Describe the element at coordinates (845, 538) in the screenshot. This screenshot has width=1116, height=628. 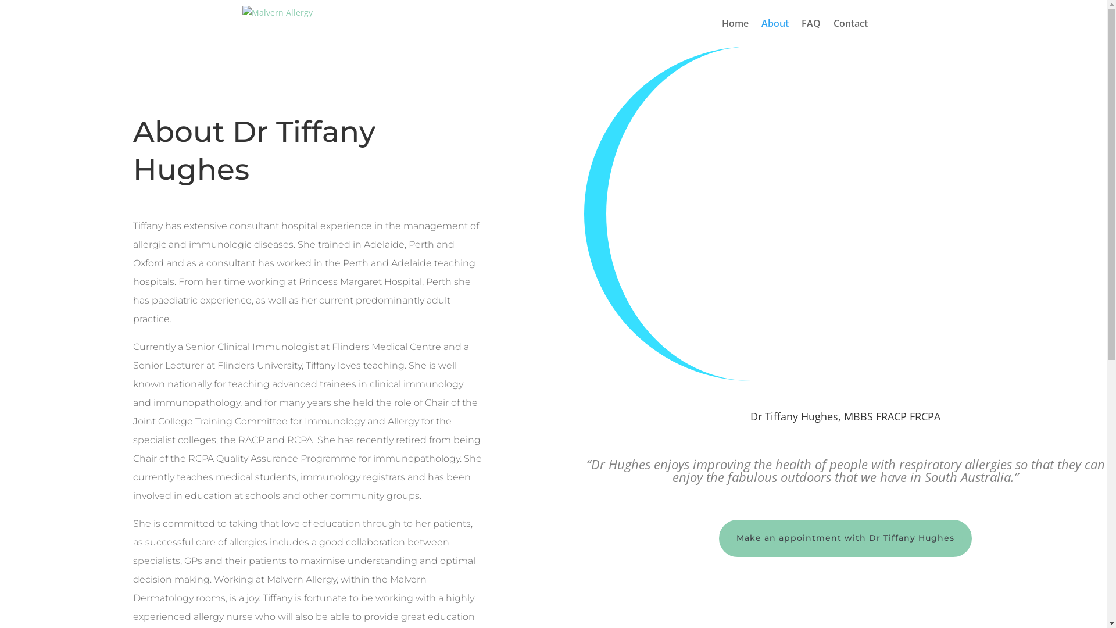
I see `'Make an appointment with Dr Tiffany Hughes'` at that location.